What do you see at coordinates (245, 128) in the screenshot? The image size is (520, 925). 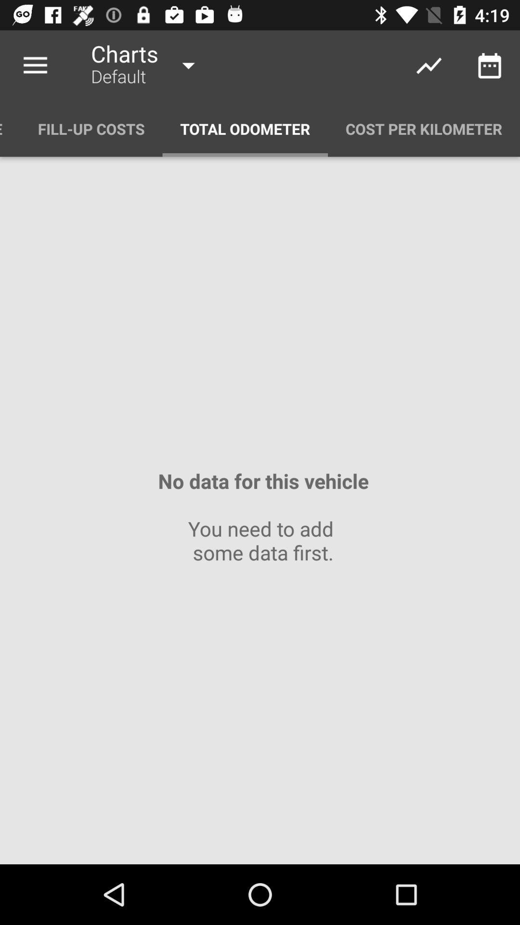 I see `icon above the no data for item` at bounding box center [245, 128].